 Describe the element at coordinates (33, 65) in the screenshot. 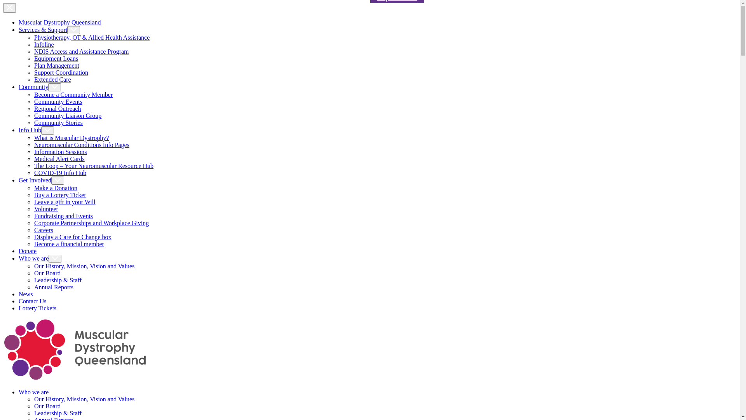

I see `'Plan Management'` at that location.